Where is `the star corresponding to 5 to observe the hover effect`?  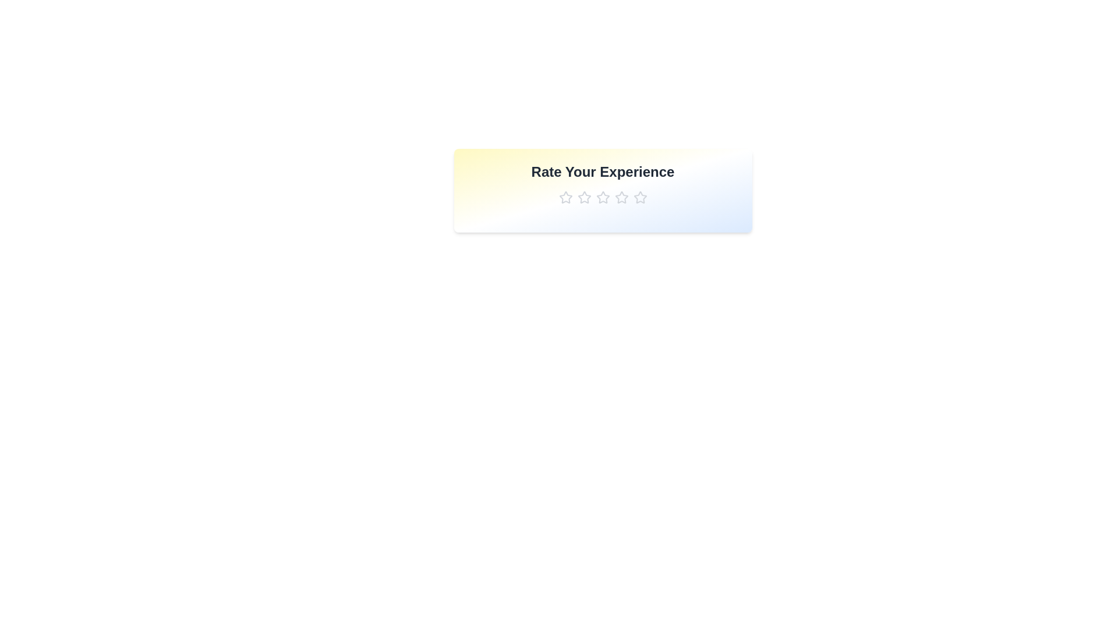
the star corresponding to 5 to observe the hover effect is located at coordinates (639, 197).